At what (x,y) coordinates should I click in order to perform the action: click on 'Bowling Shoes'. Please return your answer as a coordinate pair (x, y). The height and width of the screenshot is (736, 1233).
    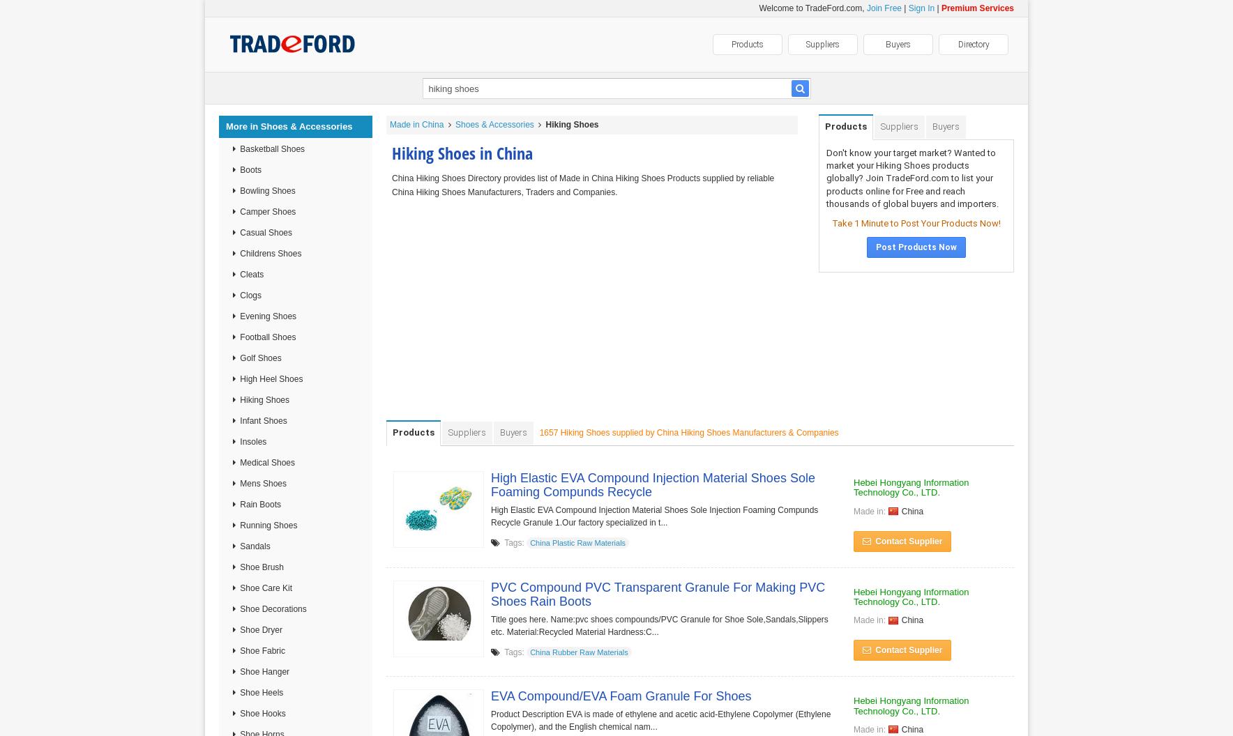
    Looking at the image, I should click on (266, 191).